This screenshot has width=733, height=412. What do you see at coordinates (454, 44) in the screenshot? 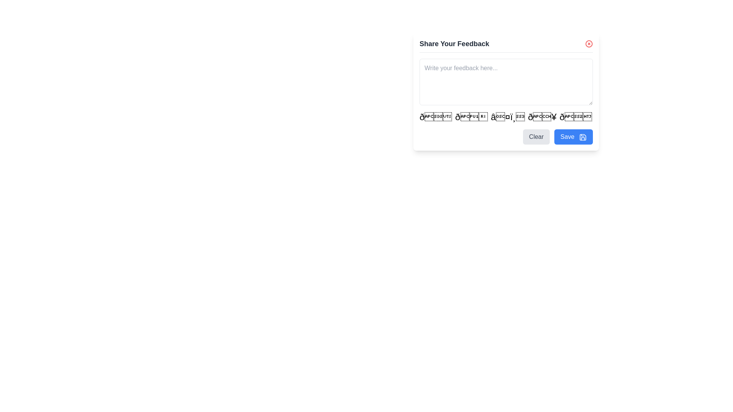
I see `text label that serves as the title for the feedback form, located at the upper portion of the feedback dialog box` at bounding box center [454, 44].